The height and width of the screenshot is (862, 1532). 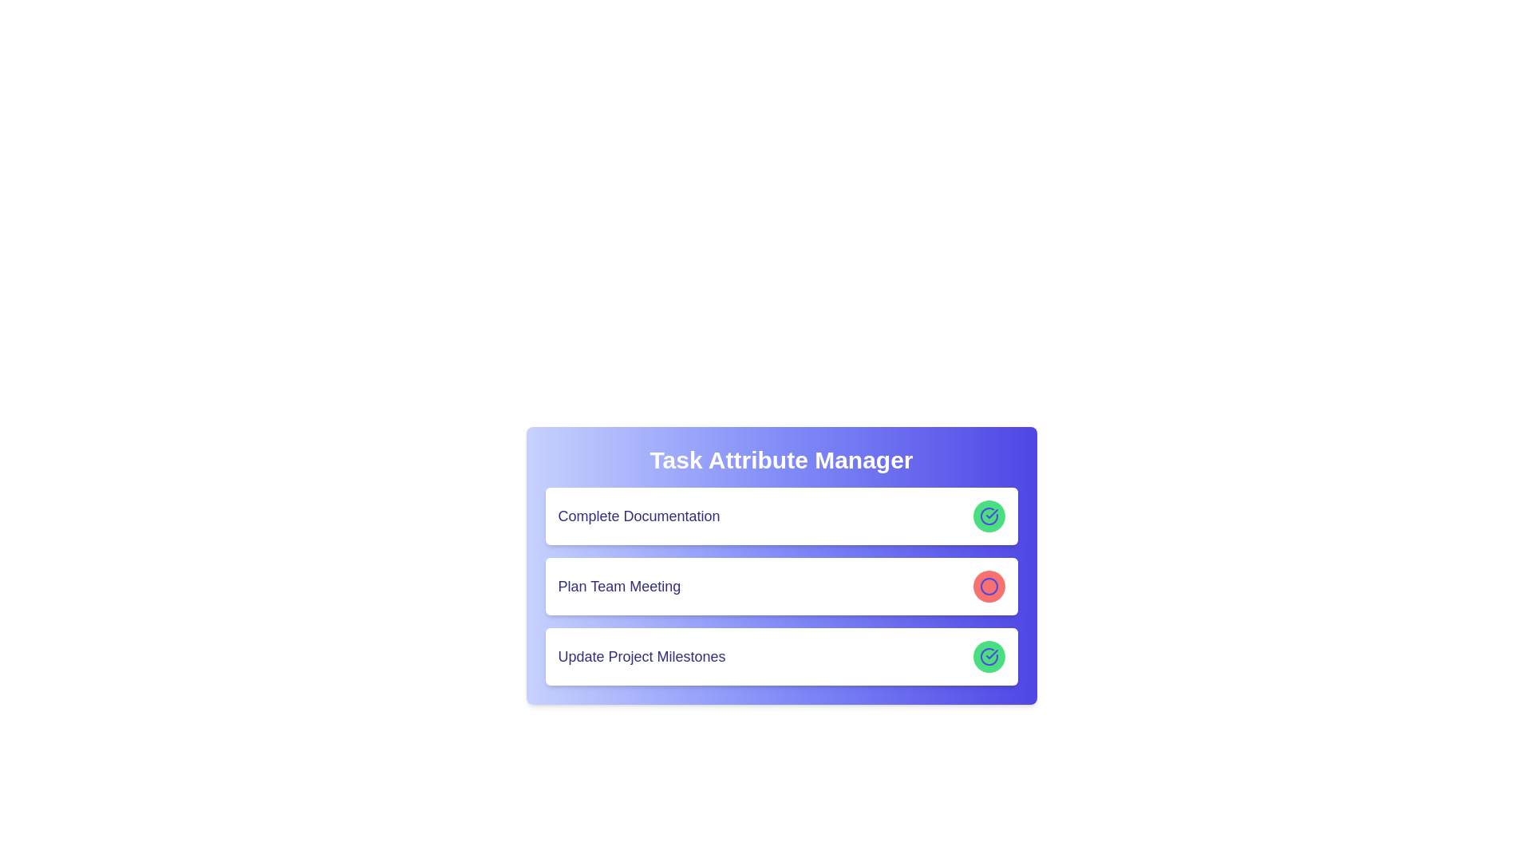 What do you see at coordinates (988, 587) in the screenshot?
I see `the circular status indicator icon associated with the 'Plan Team Meeting' task` at bounding box center [988, 587].